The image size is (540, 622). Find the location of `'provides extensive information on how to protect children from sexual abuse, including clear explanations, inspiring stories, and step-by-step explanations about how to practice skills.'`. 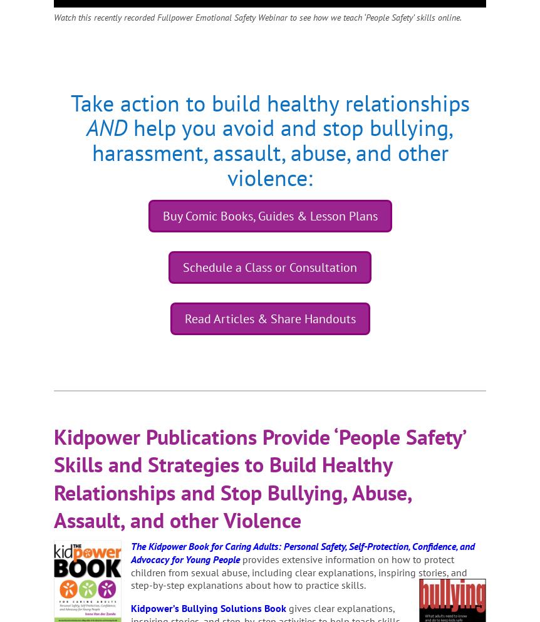

'provides extensive information on how to protect children from sexual abuse, including clear explanations, inspiring stories, and step-by-step explanations about how to practice skills.' is located at coordinates (299, 571).